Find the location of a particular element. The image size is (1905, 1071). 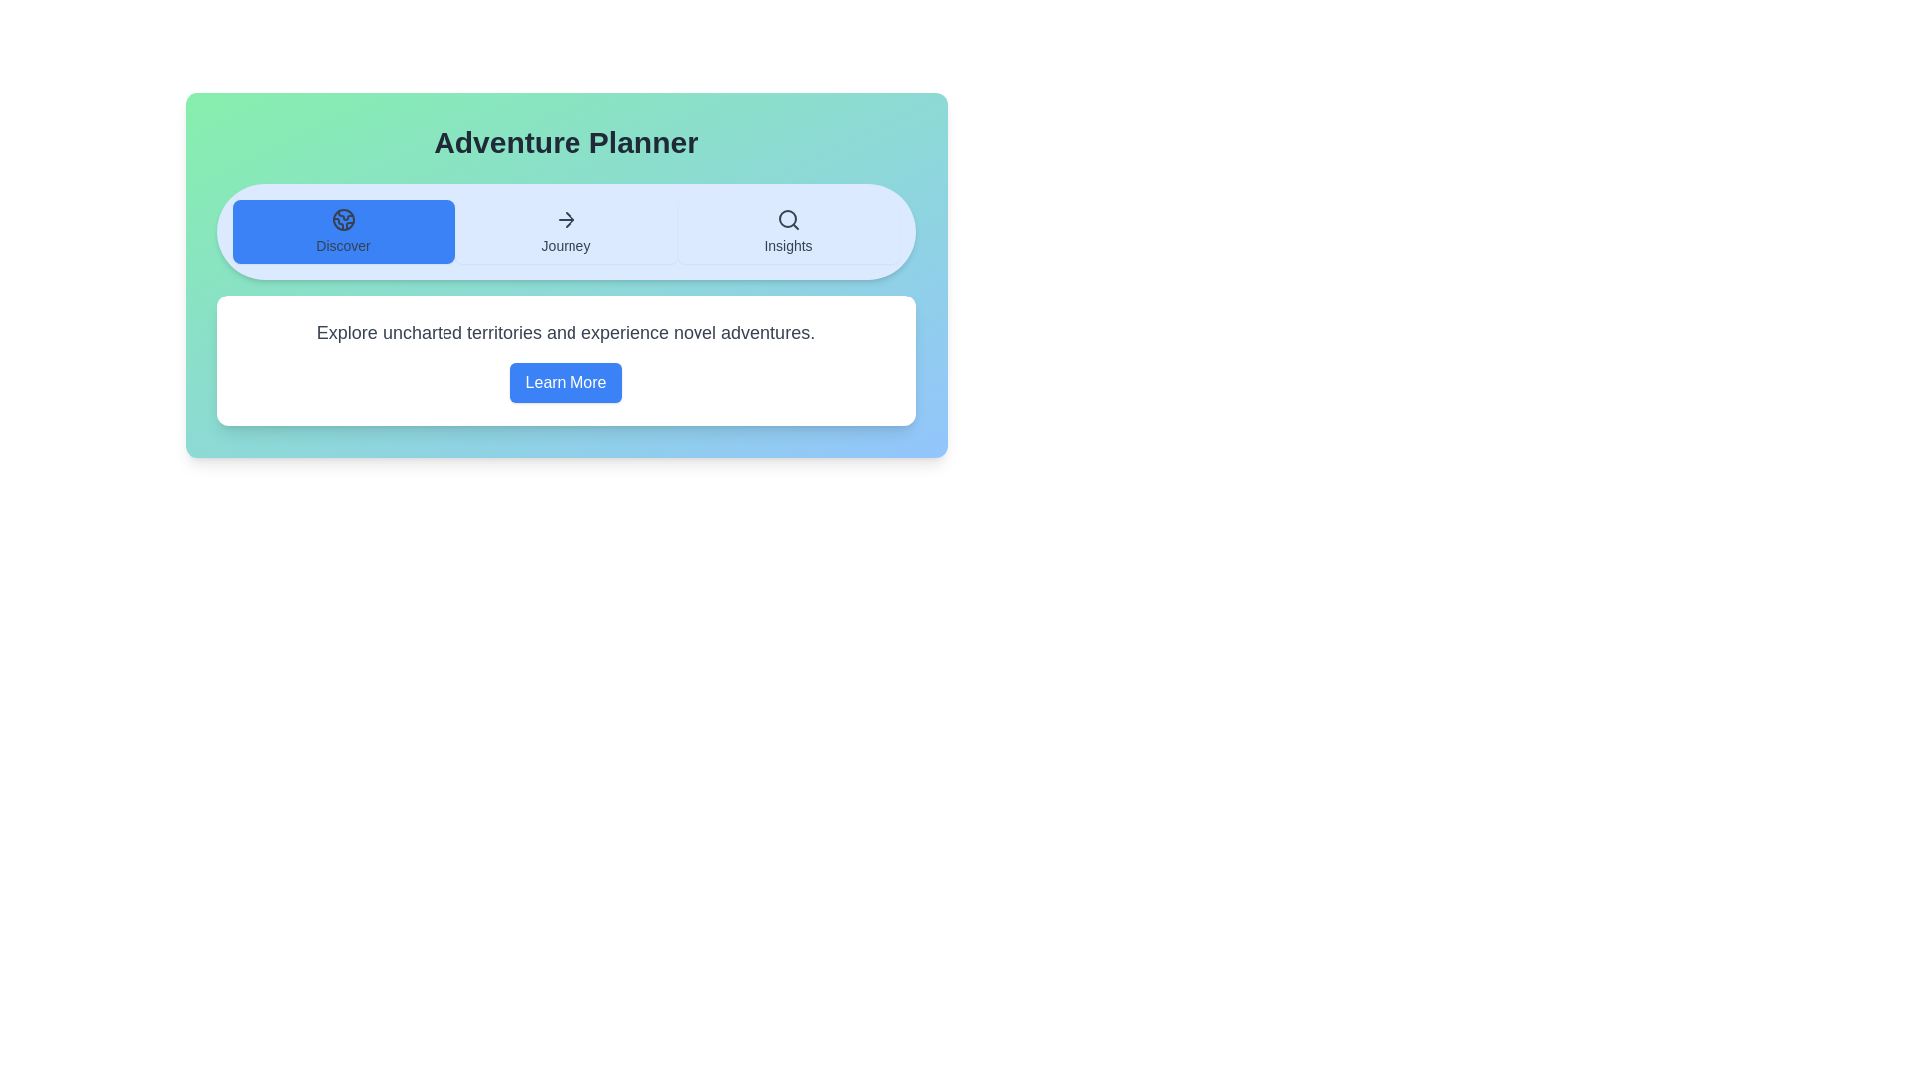

the promotional text content in the 'Adventure Planner' section, which includes a 'Learn More' button is located at coordinates (565, 305).